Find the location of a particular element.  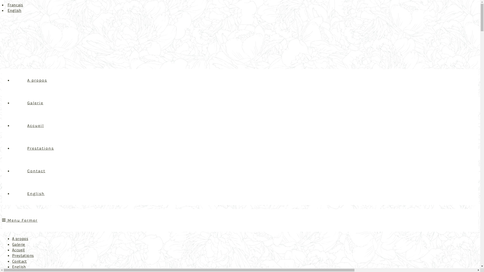

'Menu Fermer' is located at coordinates (20, 220).